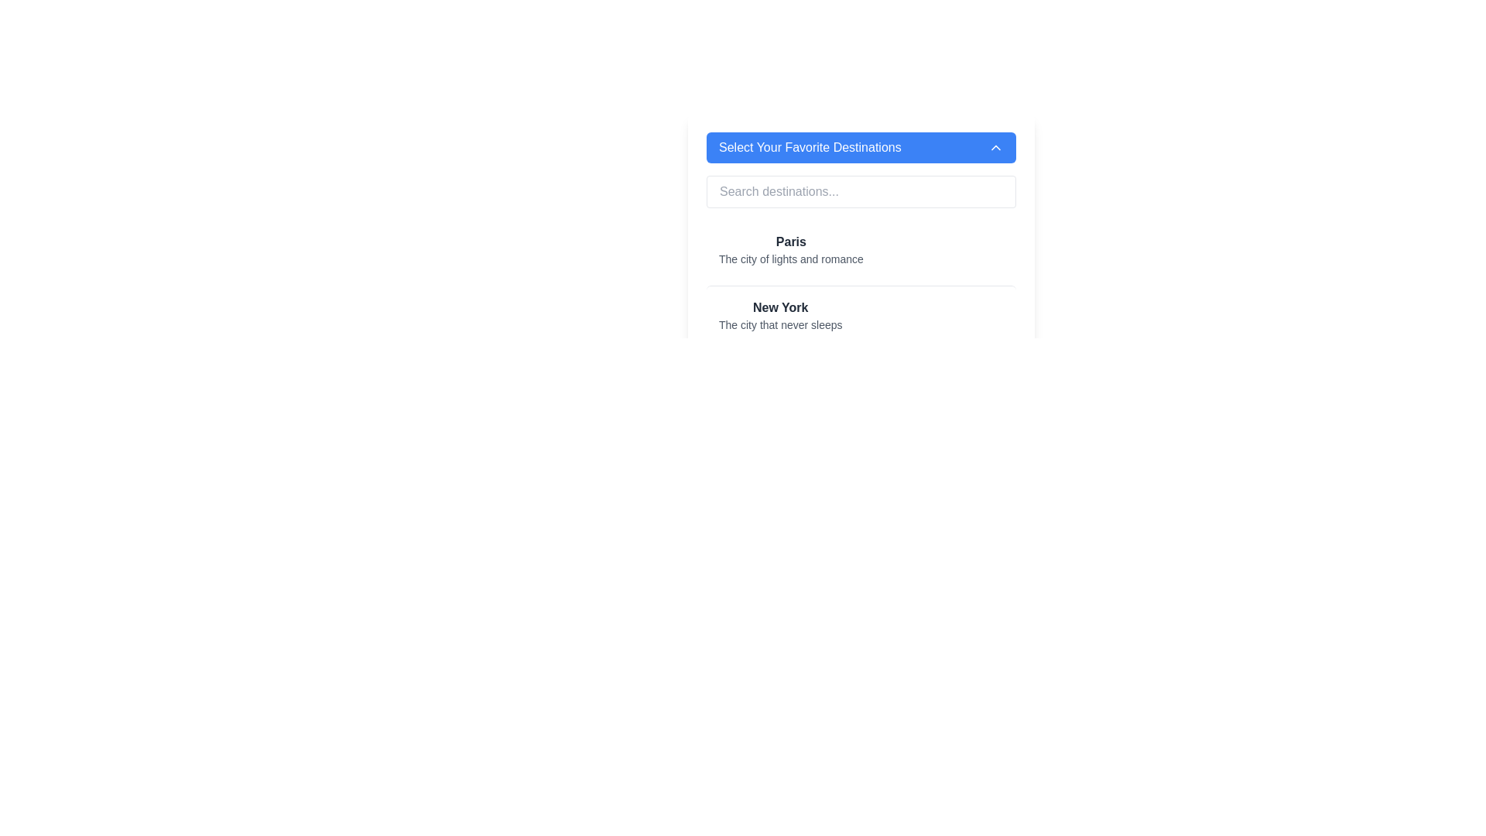 The width and height of the screenshot is (1486, 836). What do you see at coordinates (791, 259) in the screenshot?
I see `the text label reading 'The city of lights and romance', which is positioned beneath the title 'Paris'` at bounding box center [791, 259].